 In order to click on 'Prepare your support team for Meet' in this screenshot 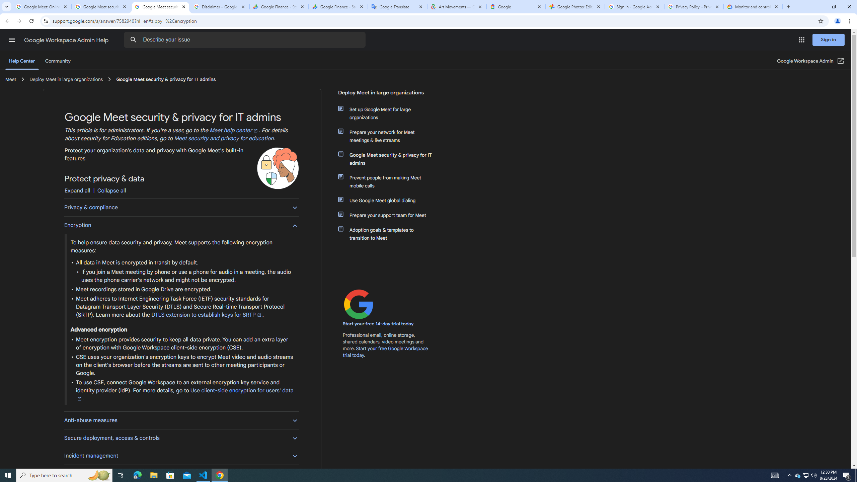, I will do `click(389, 215)`.